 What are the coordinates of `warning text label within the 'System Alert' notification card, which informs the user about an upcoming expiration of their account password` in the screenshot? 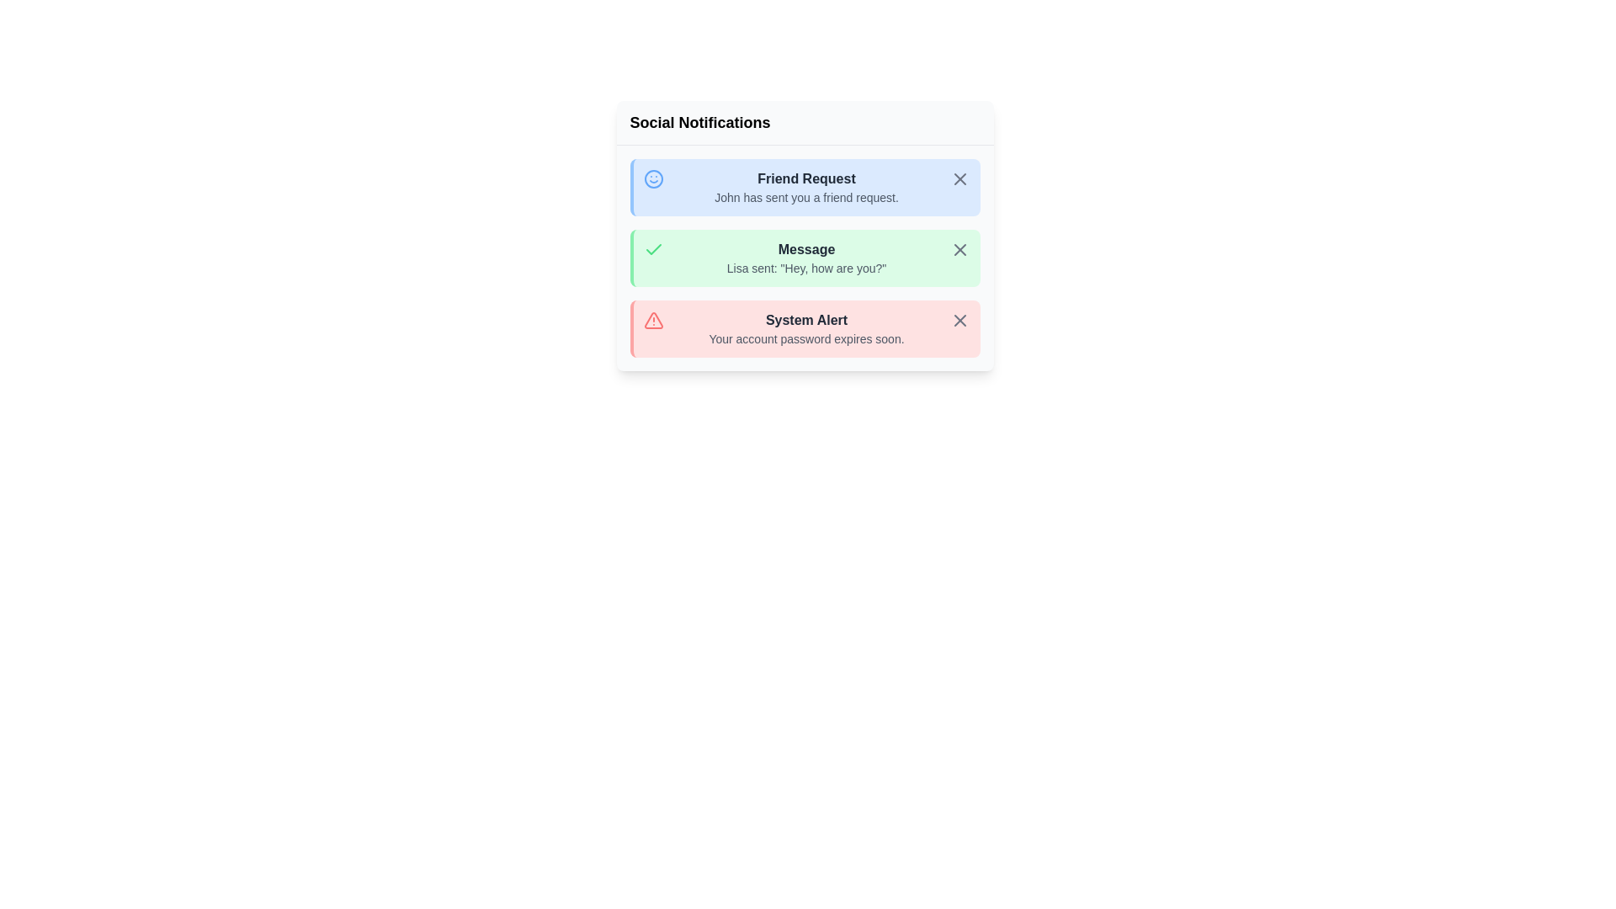 It's located at (805, 338).